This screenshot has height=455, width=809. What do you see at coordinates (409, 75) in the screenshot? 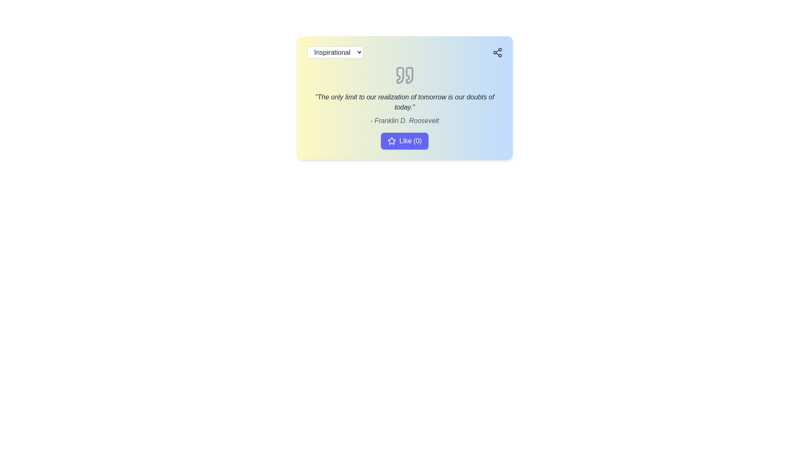
I see `the right quotation mark of the decorative SVG graphic element located at the top-center of the card interface` at bounding box center [409, 75].